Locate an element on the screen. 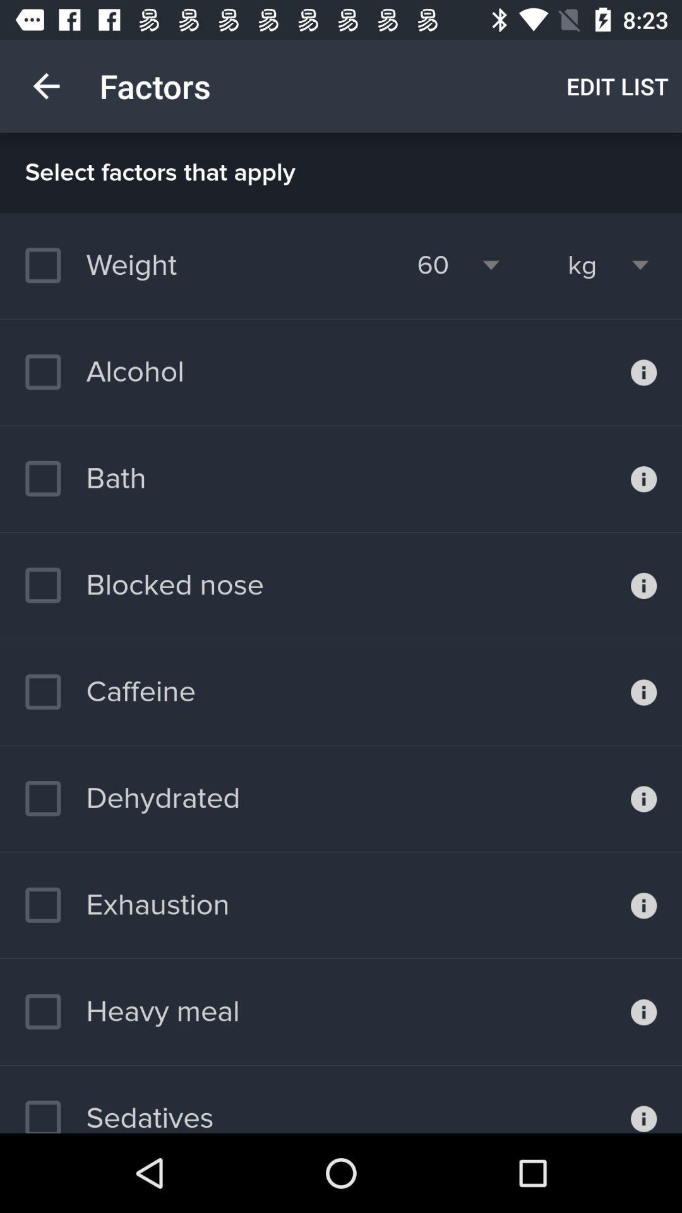 Image resolution: width=682 pixels, height=1213 pixels. weight item is located at coordinates (107, 265).